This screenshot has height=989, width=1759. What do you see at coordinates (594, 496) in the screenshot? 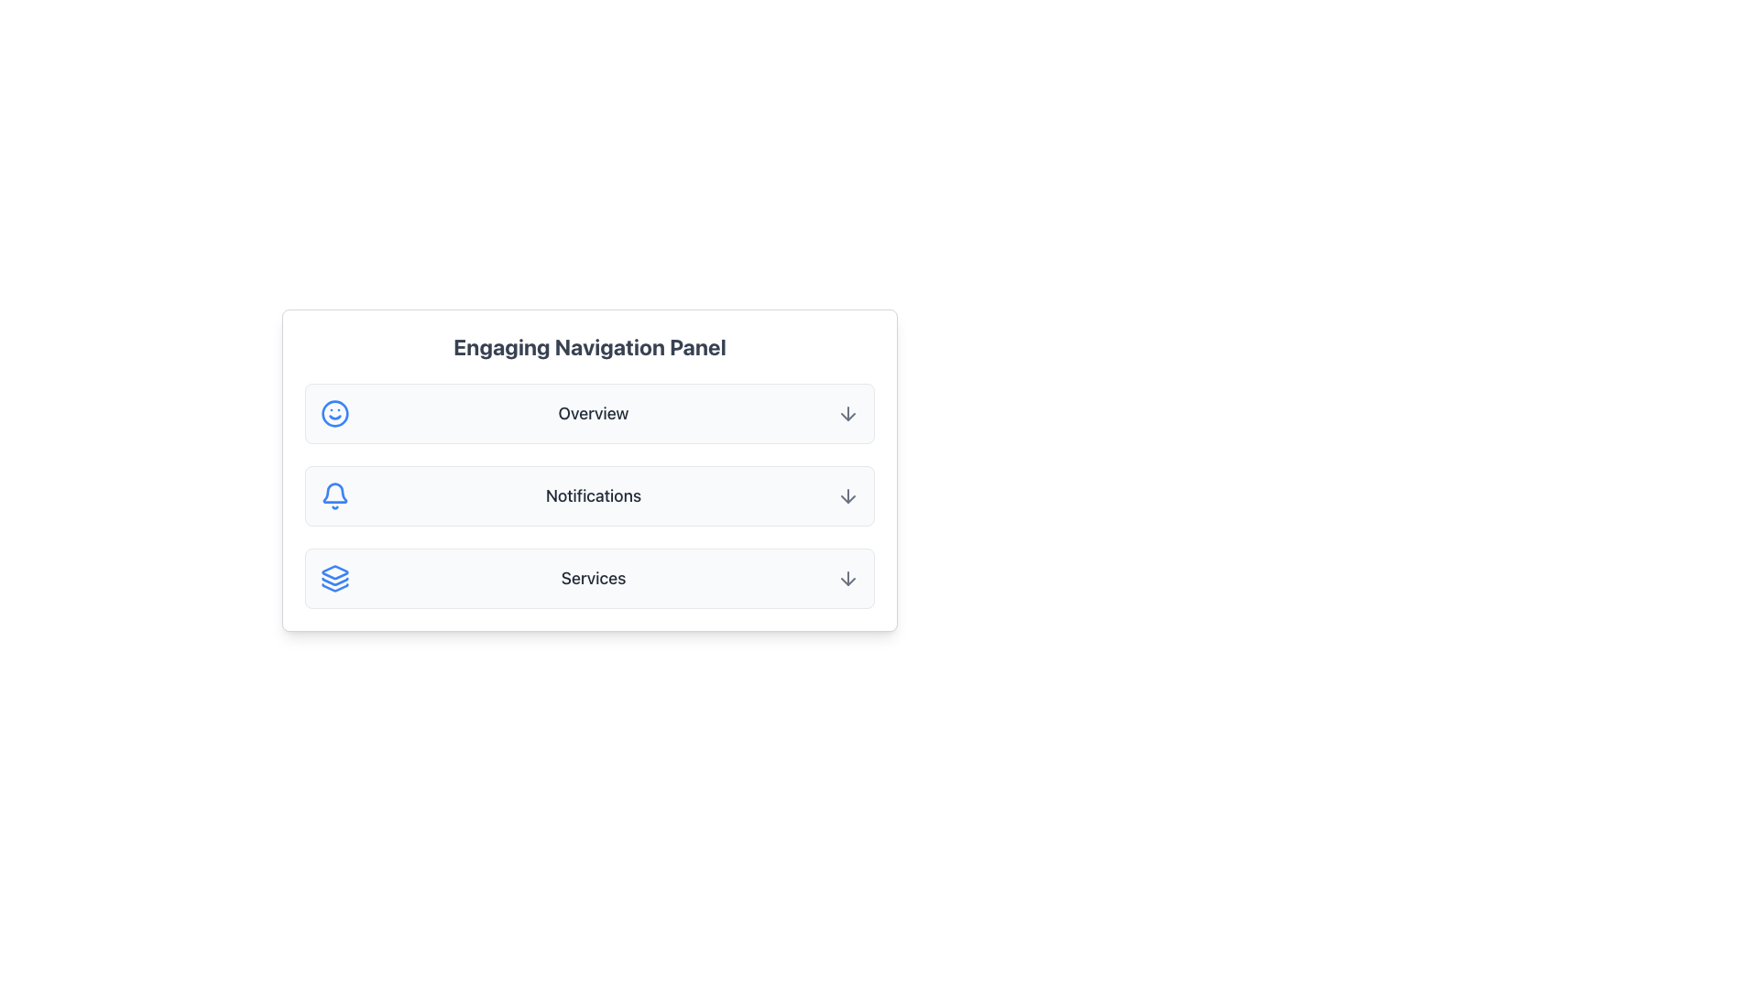
I see `the 'Notifications' text label in the vertical navigation panel, which is styled prominently and positioned between a blue bell icon and a gray arrow icon` at bounding box center [594, 496].